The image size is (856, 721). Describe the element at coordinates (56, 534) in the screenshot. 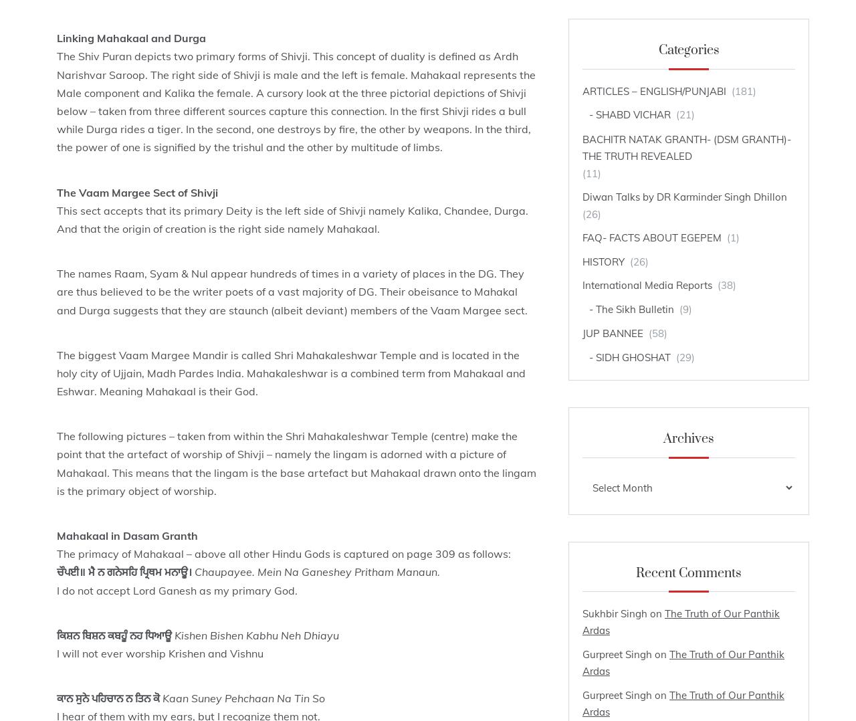

I see `'Mahakaal in Dasam Granth'` at that location.